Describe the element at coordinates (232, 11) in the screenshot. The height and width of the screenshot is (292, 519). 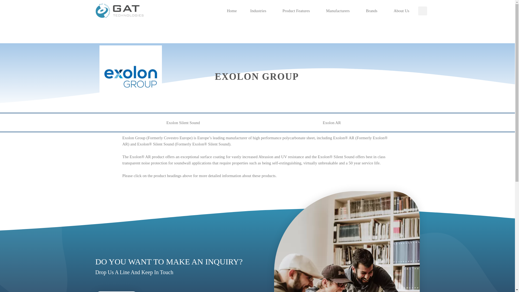
I see `'Home'` at that location.